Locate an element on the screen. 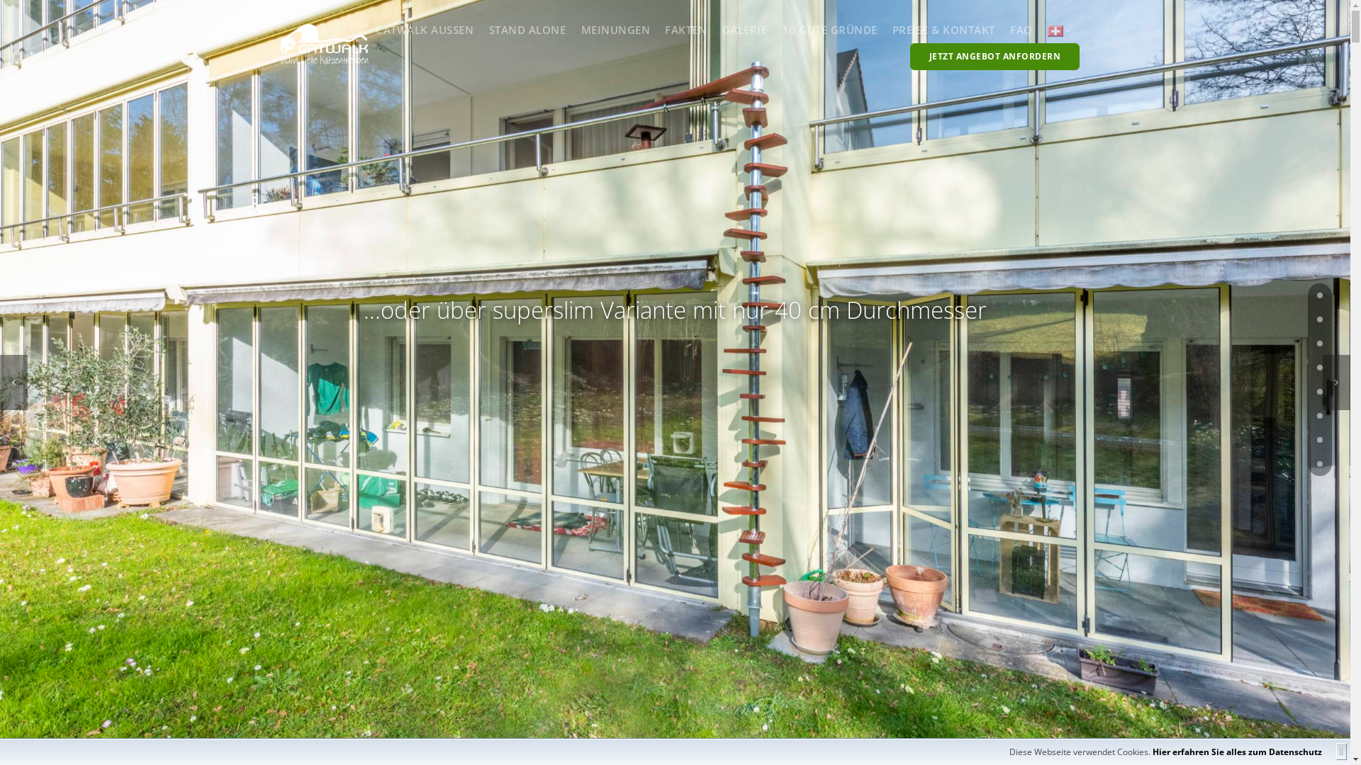  'PREISE & KONTAKT' is located at coordinates (943, 30).